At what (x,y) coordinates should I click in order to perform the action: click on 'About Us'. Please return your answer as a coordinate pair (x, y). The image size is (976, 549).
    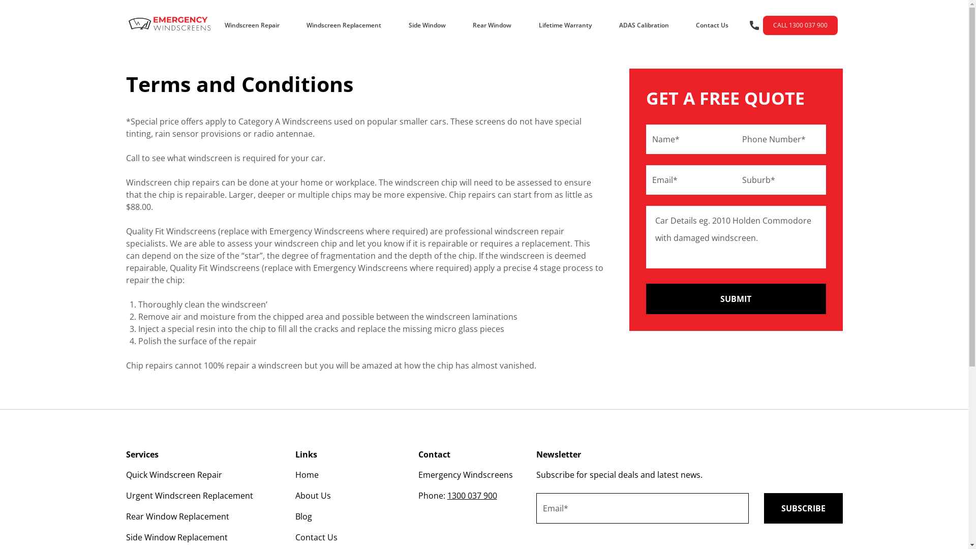
    Looking at the image, I should click on (312, 495).